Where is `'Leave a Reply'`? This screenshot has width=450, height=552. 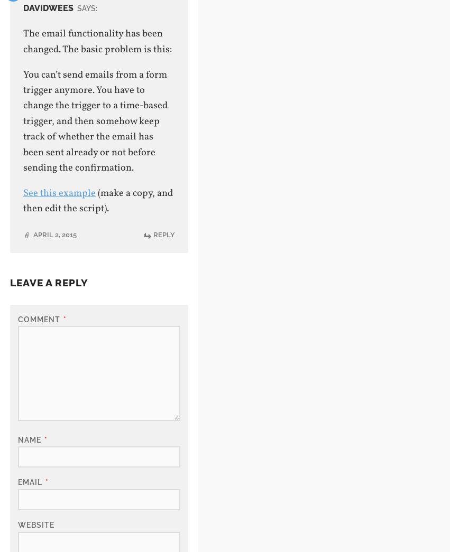
'Leave a Reply' is located at coordinates (48, 282).